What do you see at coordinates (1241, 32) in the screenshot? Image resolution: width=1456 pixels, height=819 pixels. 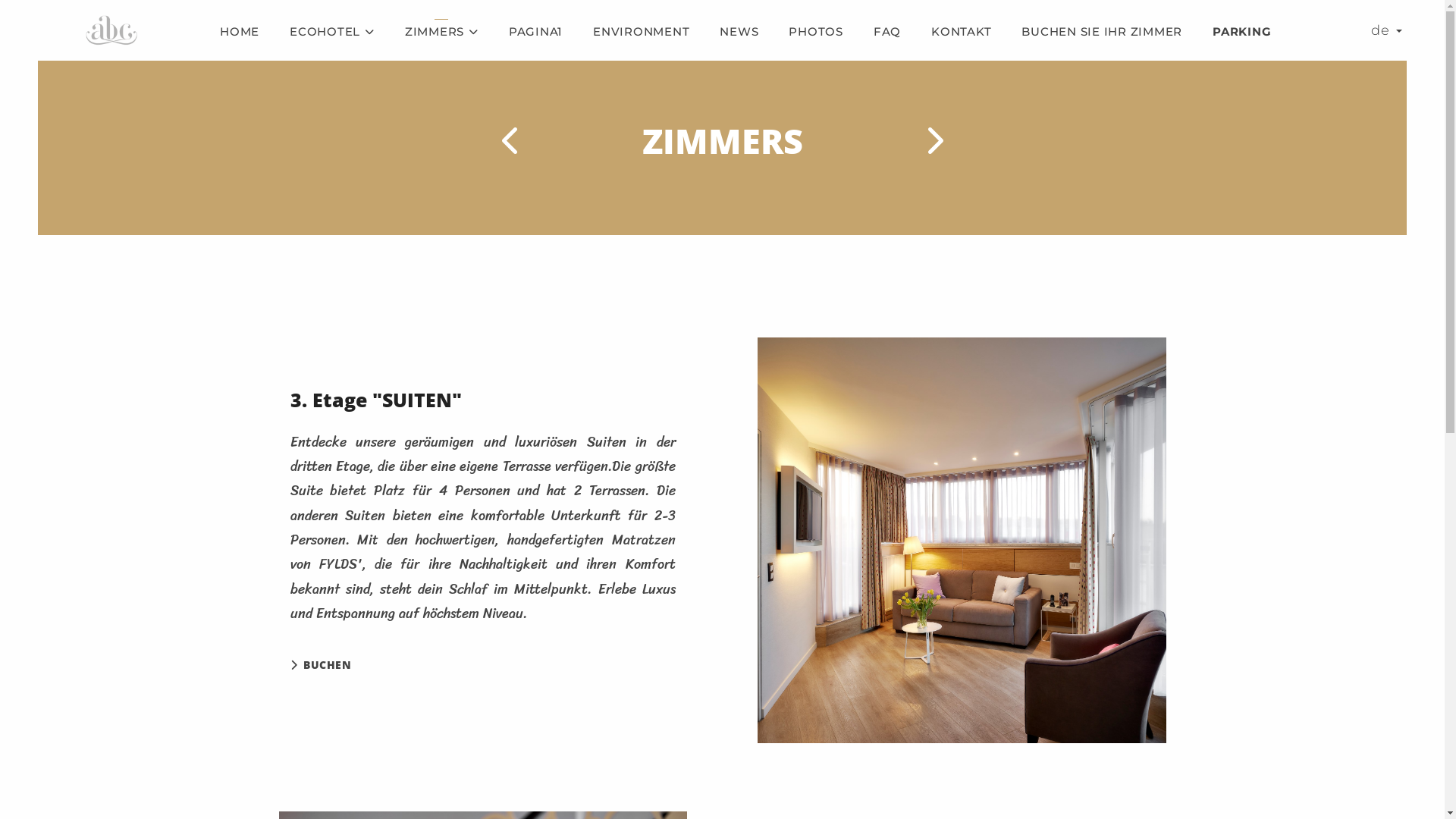 I see `'PARKING'` at bounding box center [1241, 32].